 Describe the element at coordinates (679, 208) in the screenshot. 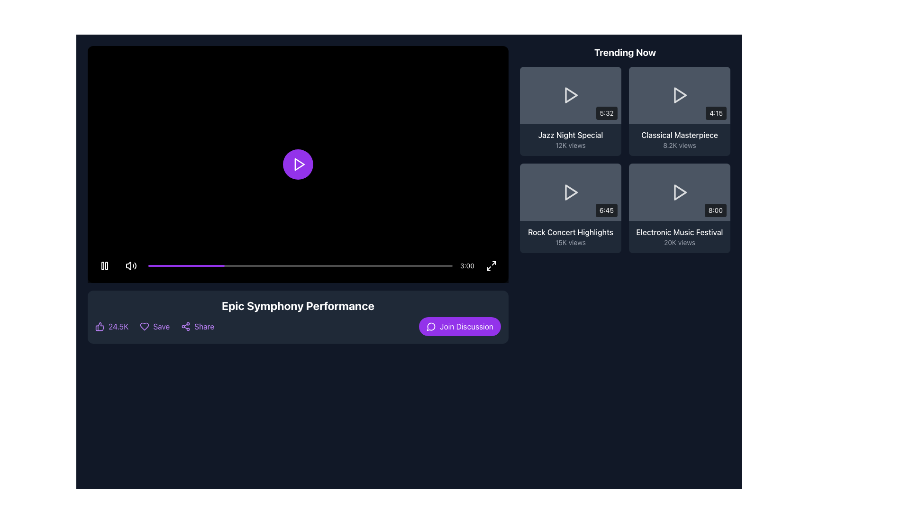

I see `the fourth interactive card` at that location.